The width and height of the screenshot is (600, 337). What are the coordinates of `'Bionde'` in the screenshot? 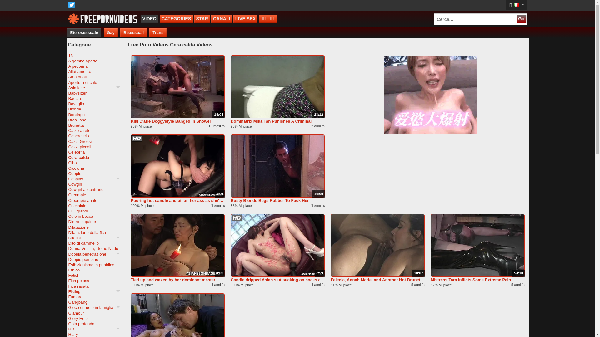 It's located at (94, 109).